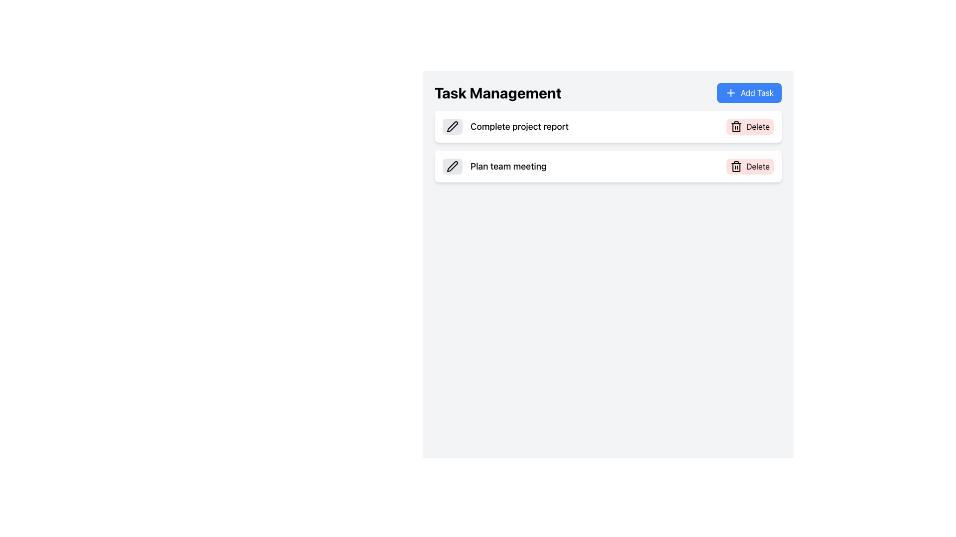 This screenshot has height=537, width=956. I want to click on the pen icon located in the second task row of the task list, which is aligned to the left of the text 'Plan team meeting', so click(452, 126).